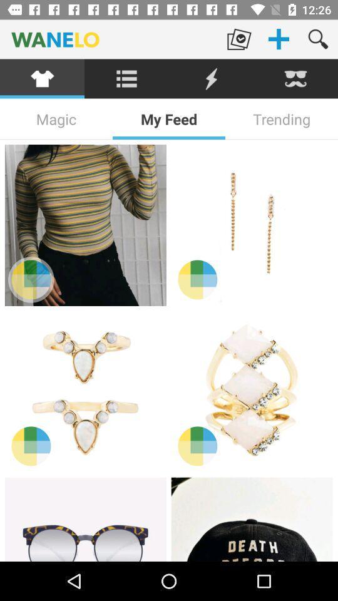 This screenshot has width=338, height=601. What do you see at coordinates (169, 119) in the screenshot?
I see `my feed` at bounding box center [169, 119].